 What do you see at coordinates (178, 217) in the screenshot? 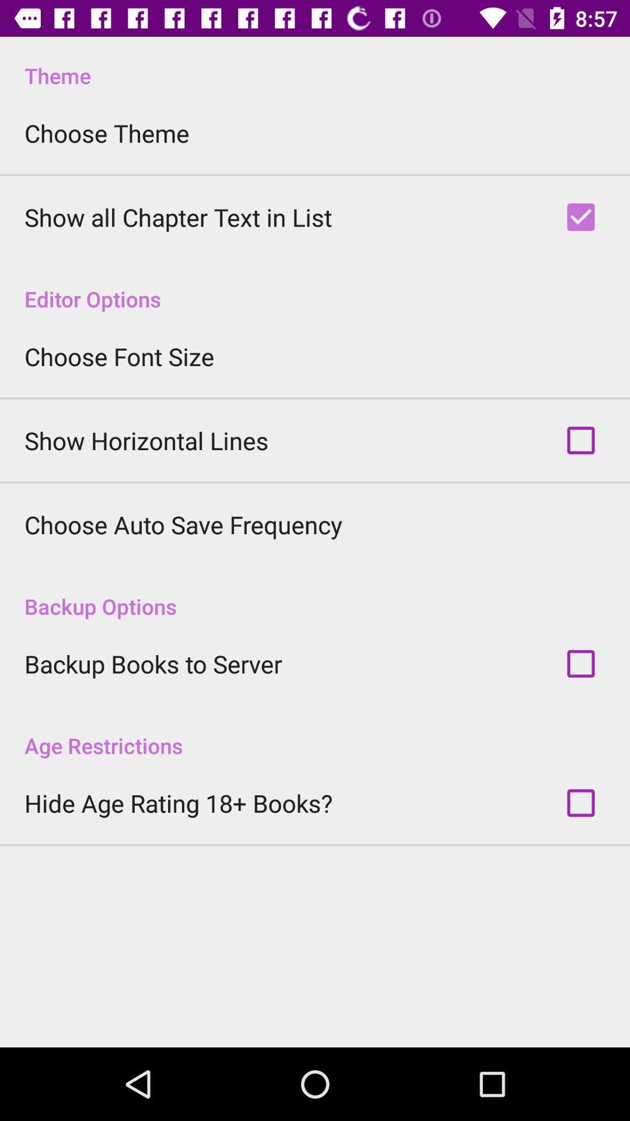
I see `the item below the choose theme` at bounding box center [178, 217].